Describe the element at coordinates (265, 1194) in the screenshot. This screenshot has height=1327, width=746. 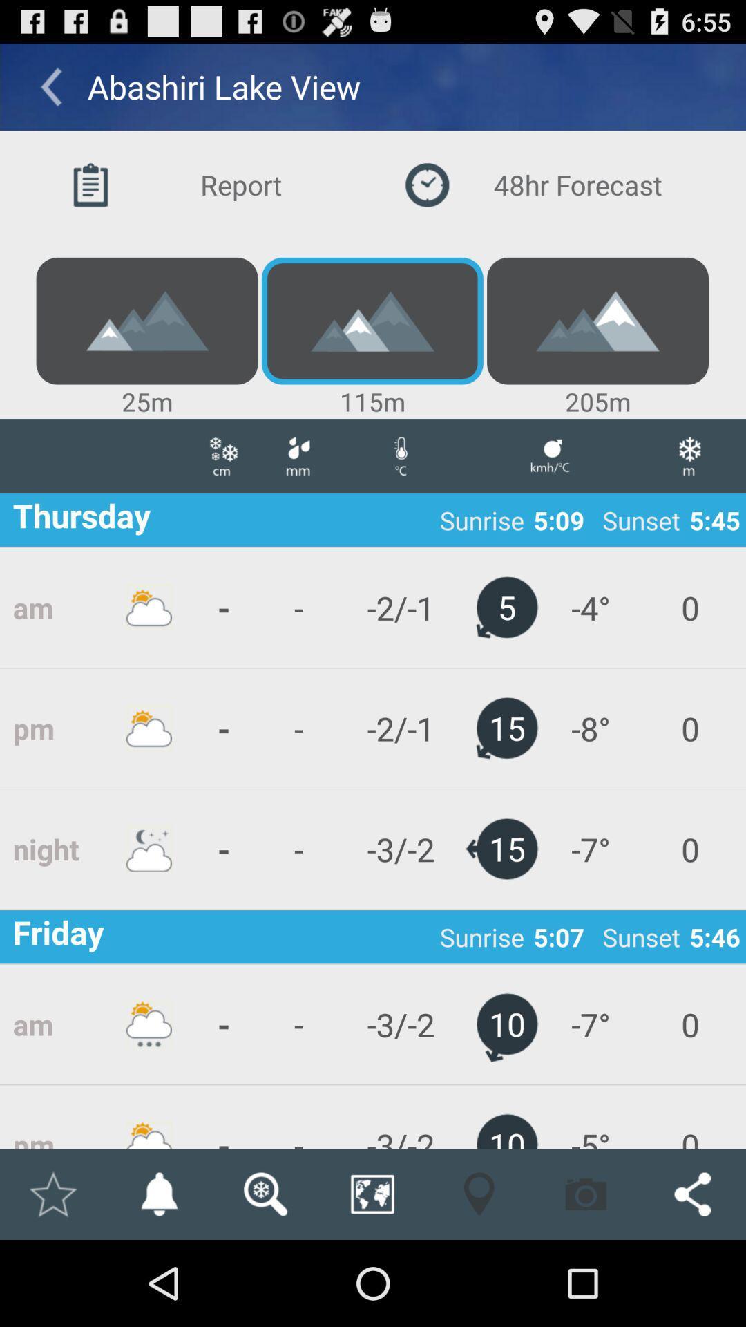
I see `search option` at that location.